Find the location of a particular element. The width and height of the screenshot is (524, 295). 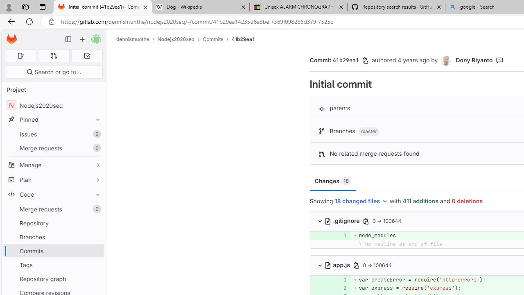

'NNodejs2020seq' is located at coordinates (53, 105).